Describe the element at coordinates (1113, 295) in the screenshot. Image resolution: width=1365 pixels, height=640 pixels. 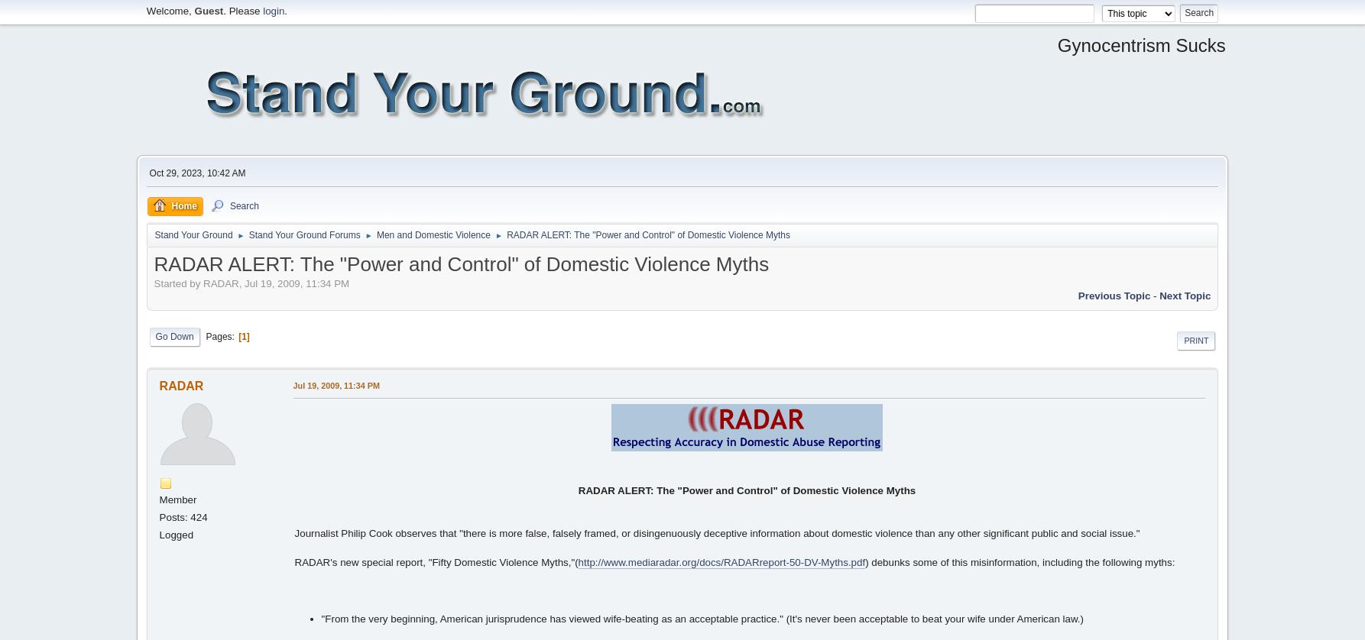
I see `'previous topic'` at that location.